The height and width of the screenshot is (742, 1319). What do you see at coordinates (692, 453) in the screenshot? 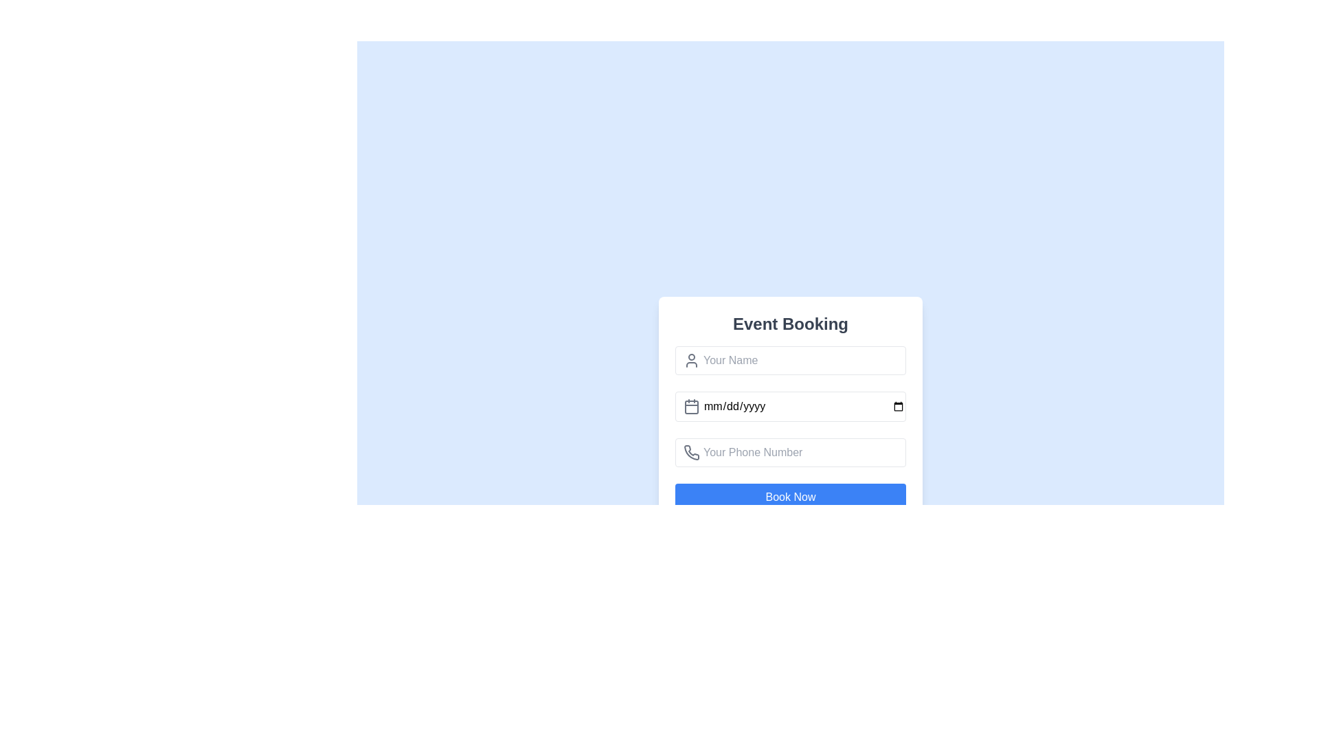
I see `the phone icon with a gray outline located to the left of the 'Your Phone Number' input field in the 'Event Booking' form` at bounding box center [692, 453].